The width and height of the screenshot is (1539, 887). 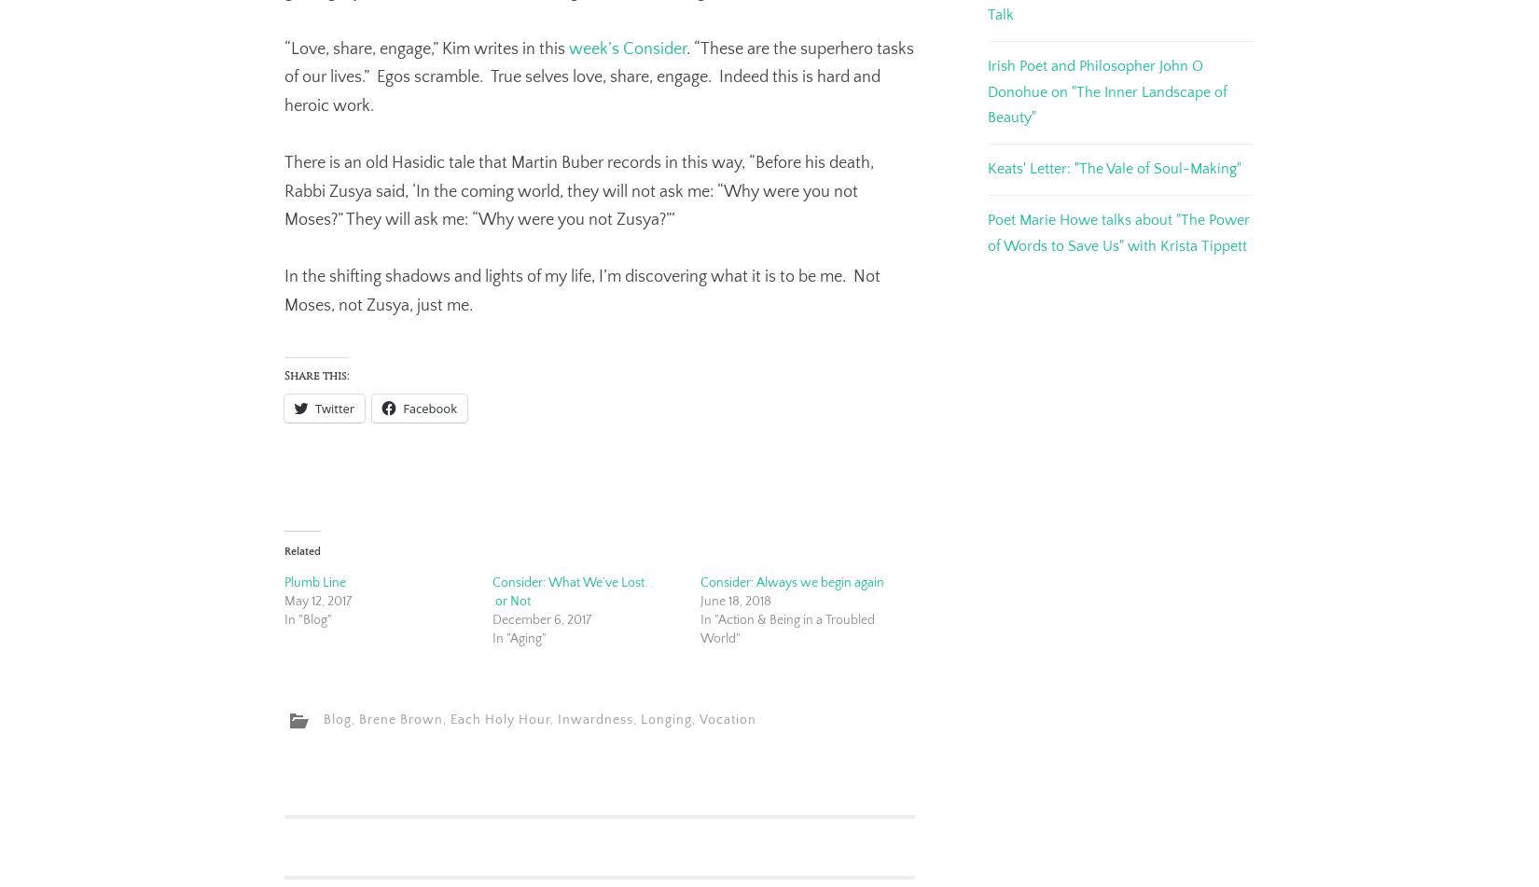 What do you see at coordinates (284, 49) in the screenshot?
I see `'“Love, share, engage,” Kim writes in this'` at bounding box center [284, 49].